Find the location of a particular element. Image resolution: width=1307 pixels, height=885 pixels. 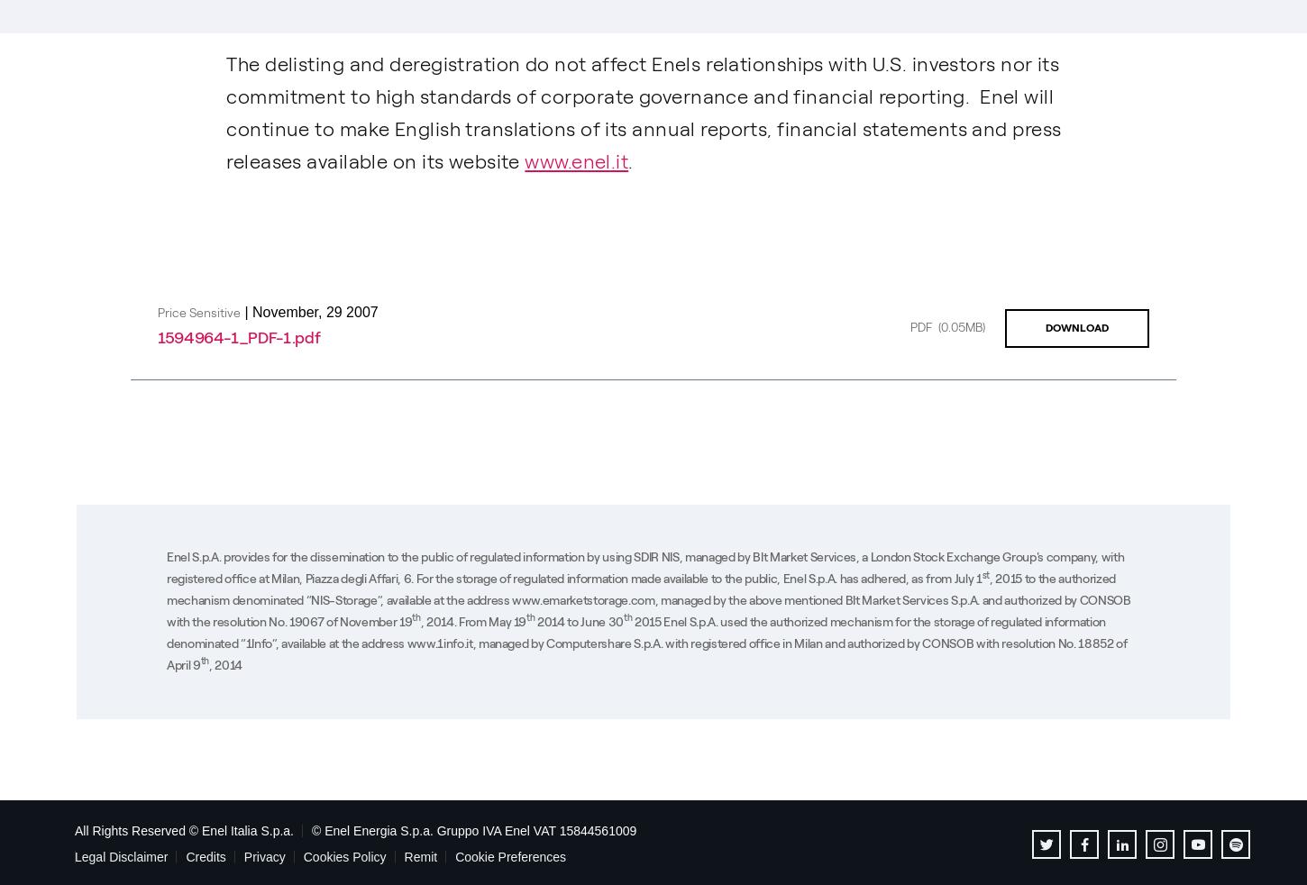

'The delisting and deregistration do not affect Enels relationships with U.S. investors nor its commitment to high standards of corporate governance and financial reporting.  Enel will continue to make English translations of its annual reports, financial statements and press releases available on its website' is located at coordinates (642, 111).